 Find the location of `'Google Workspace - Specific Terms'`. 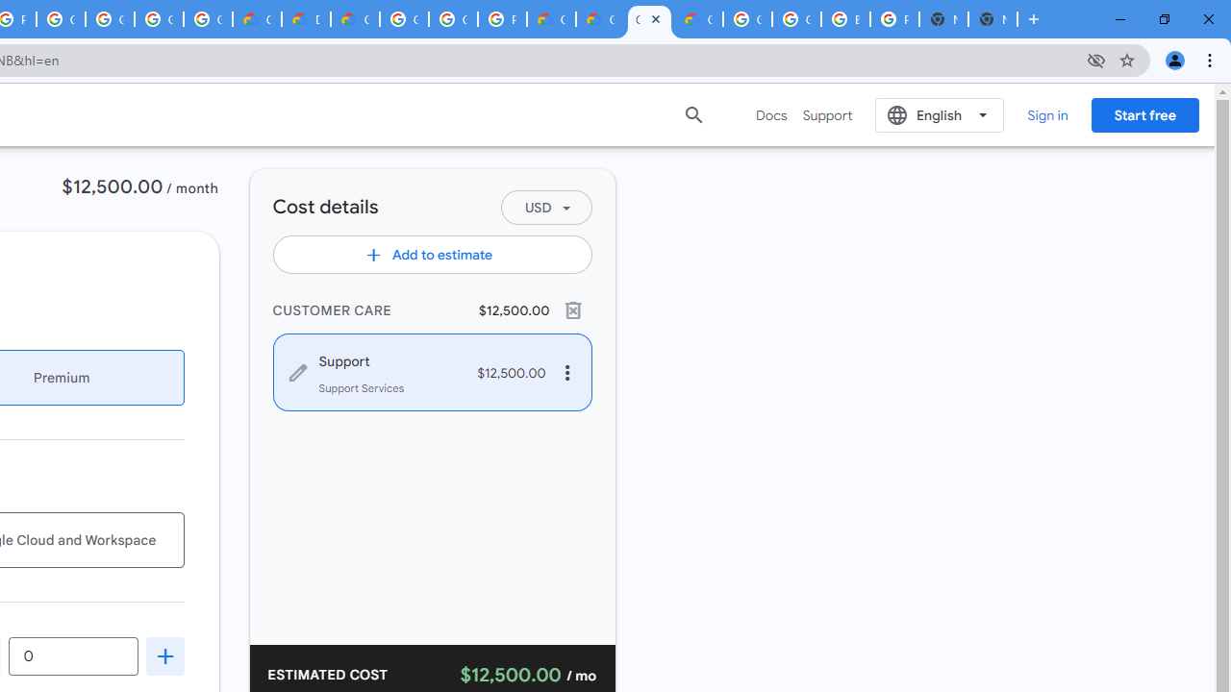

'Google Workspace - Specific Terms' is located at coordinates (159, 19).